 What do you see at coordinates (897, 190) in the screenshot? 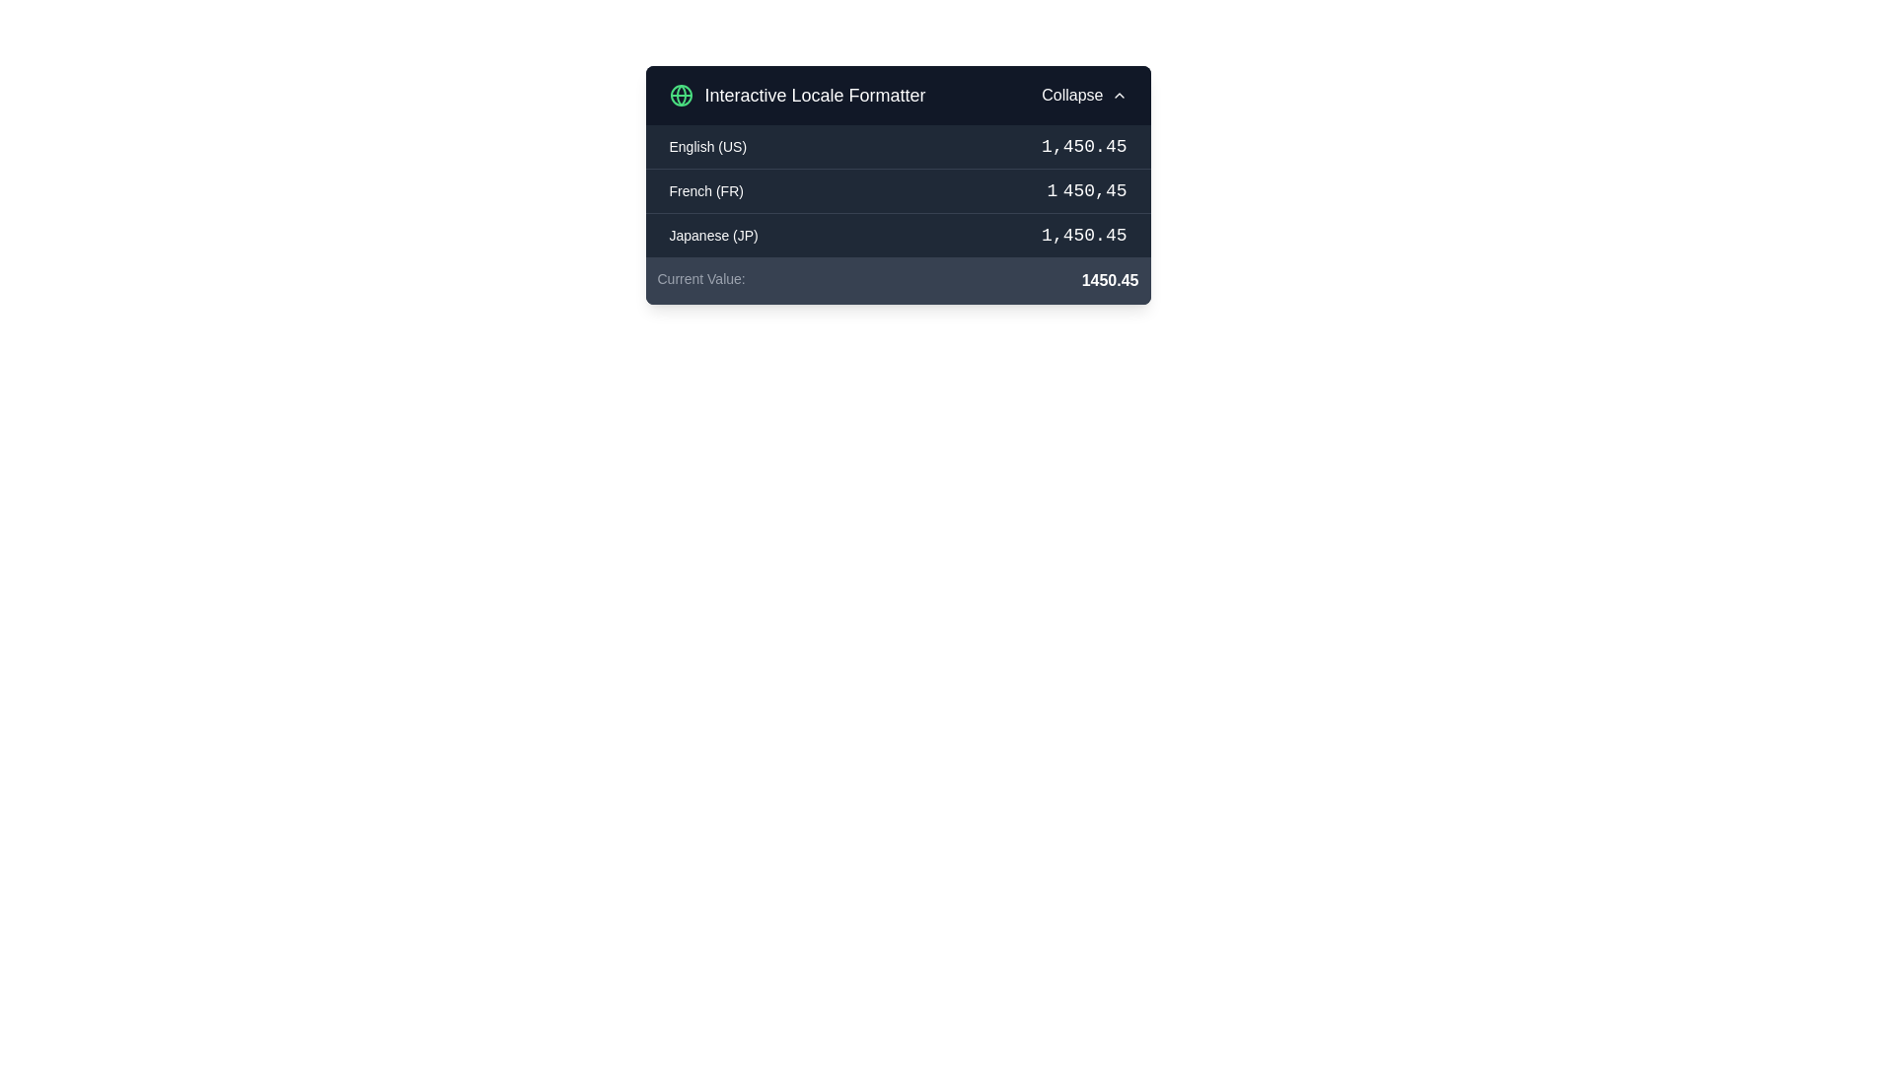
I see `the second list item in the 'Interactive Locale Formatter' card` at bounding box center [897, 190].